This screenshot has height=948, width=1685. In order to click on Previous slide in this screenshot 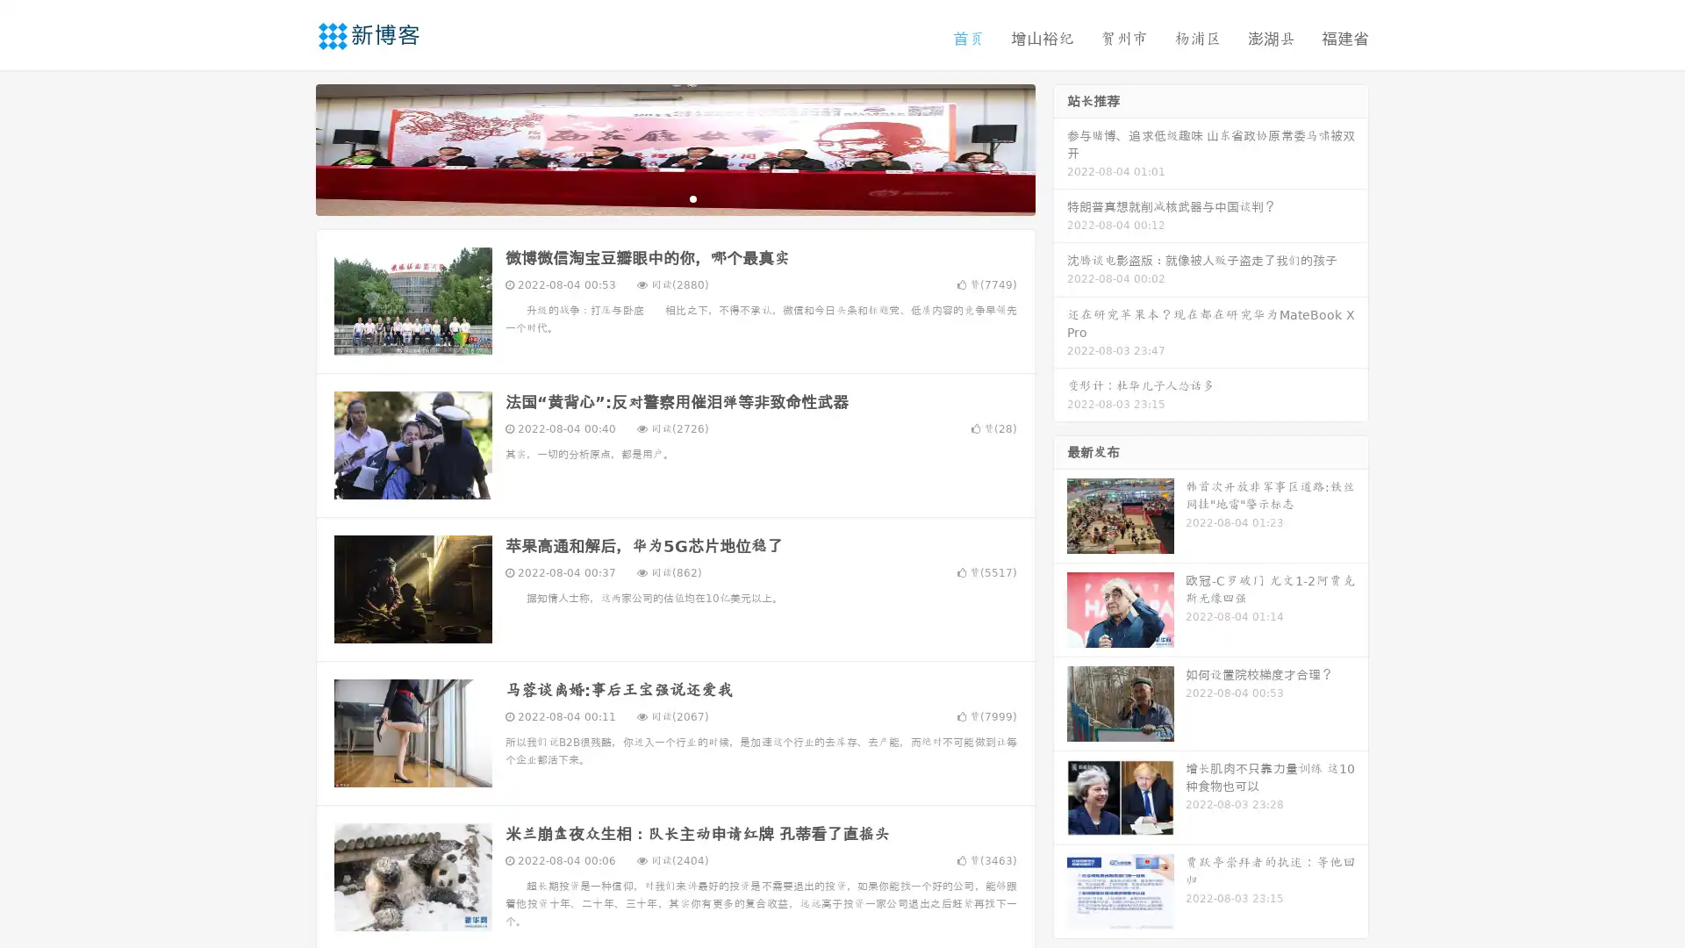, I will do `click(290, 147)`.